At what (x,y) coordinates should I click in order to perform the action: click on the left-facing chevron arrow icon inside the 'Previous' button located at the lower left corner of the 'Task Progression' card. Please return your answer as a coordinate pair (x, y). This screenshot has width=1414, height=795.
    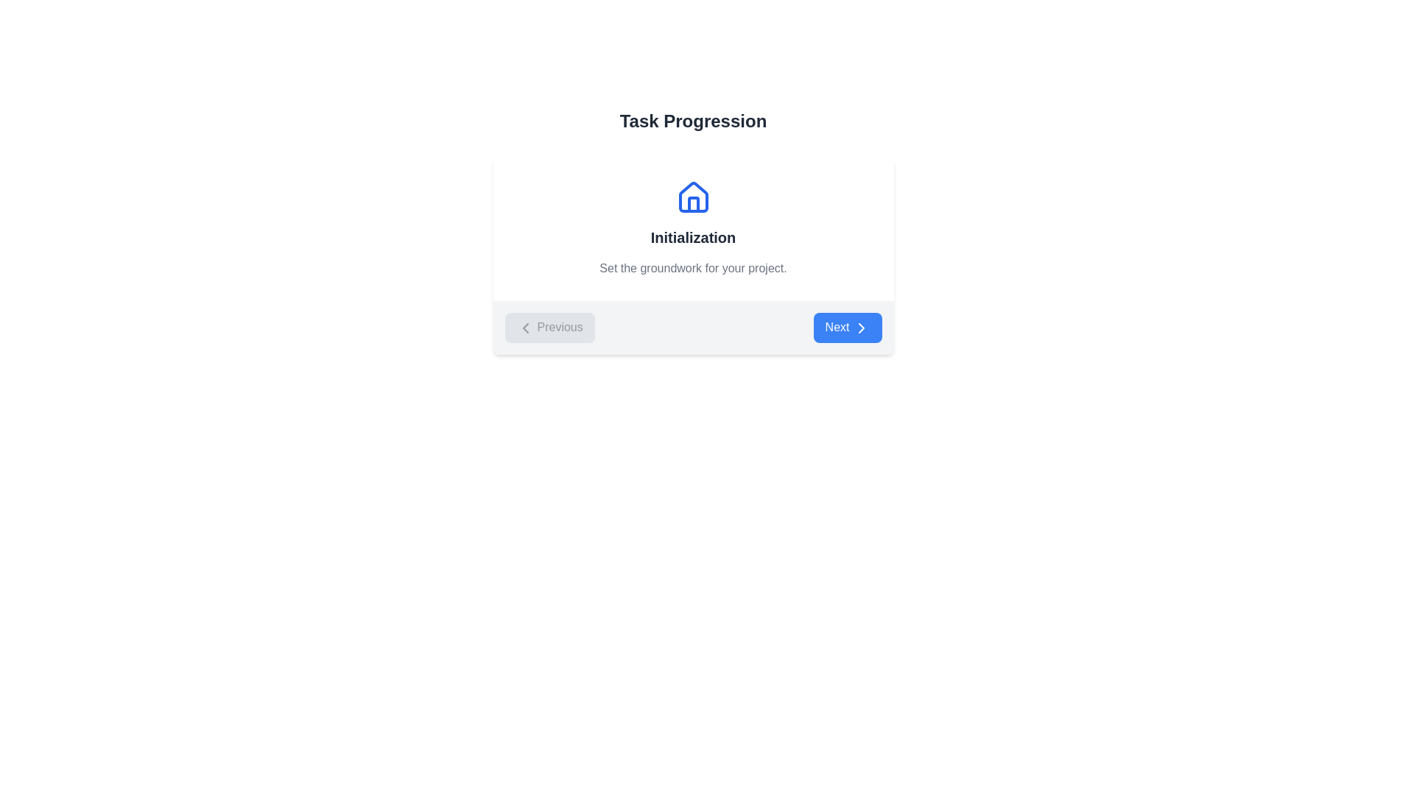
    Looking at the image, I should click on (525, 327).